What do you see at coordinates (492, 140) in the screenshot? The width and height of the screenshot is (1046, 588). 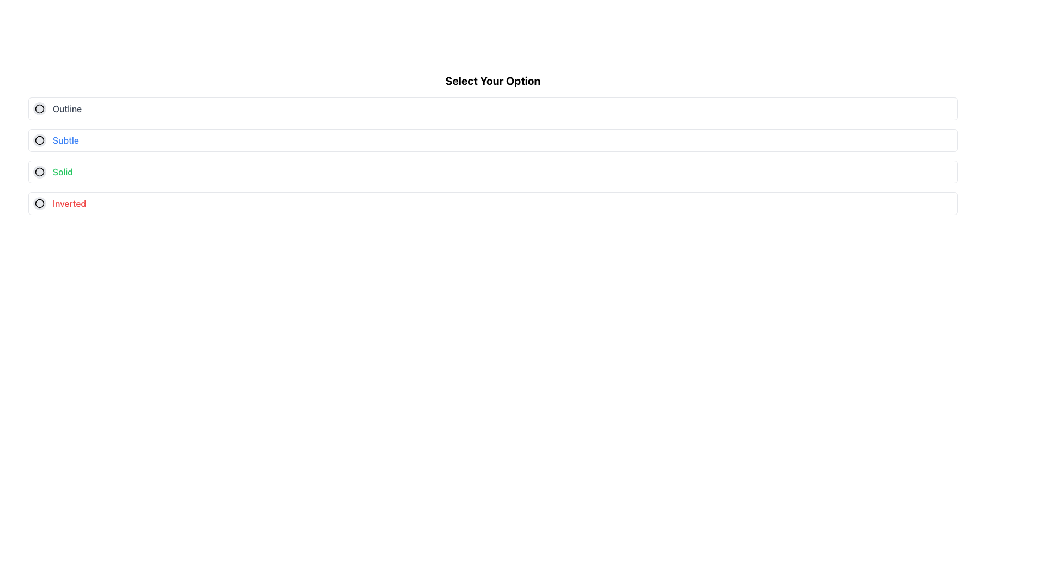 I see `the second button-like selectable option labeled 'Subtle' using keyboard navigation` at bounding box center [492, 140].